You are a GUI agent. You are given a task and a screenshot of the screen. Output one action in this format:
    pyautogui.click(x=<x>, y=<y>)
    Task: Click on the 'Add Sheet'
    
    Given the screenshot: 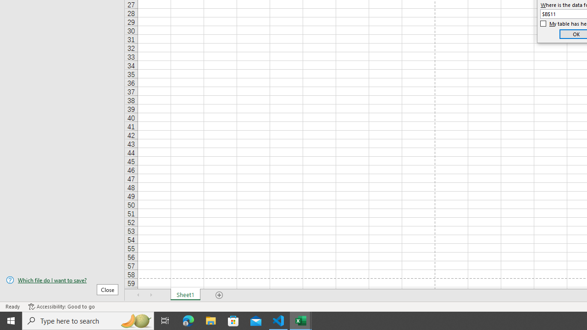 What is the action you would take?
    pyautogui.click(x=219, y=295)
    